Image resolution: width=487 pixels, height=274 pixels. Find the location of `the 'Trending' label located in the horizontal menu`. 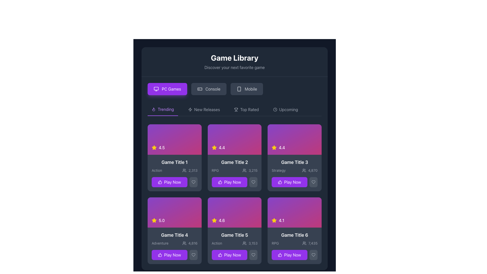

the 'Trending' label located in the horizontal menu is located at coordinates (166, 109).